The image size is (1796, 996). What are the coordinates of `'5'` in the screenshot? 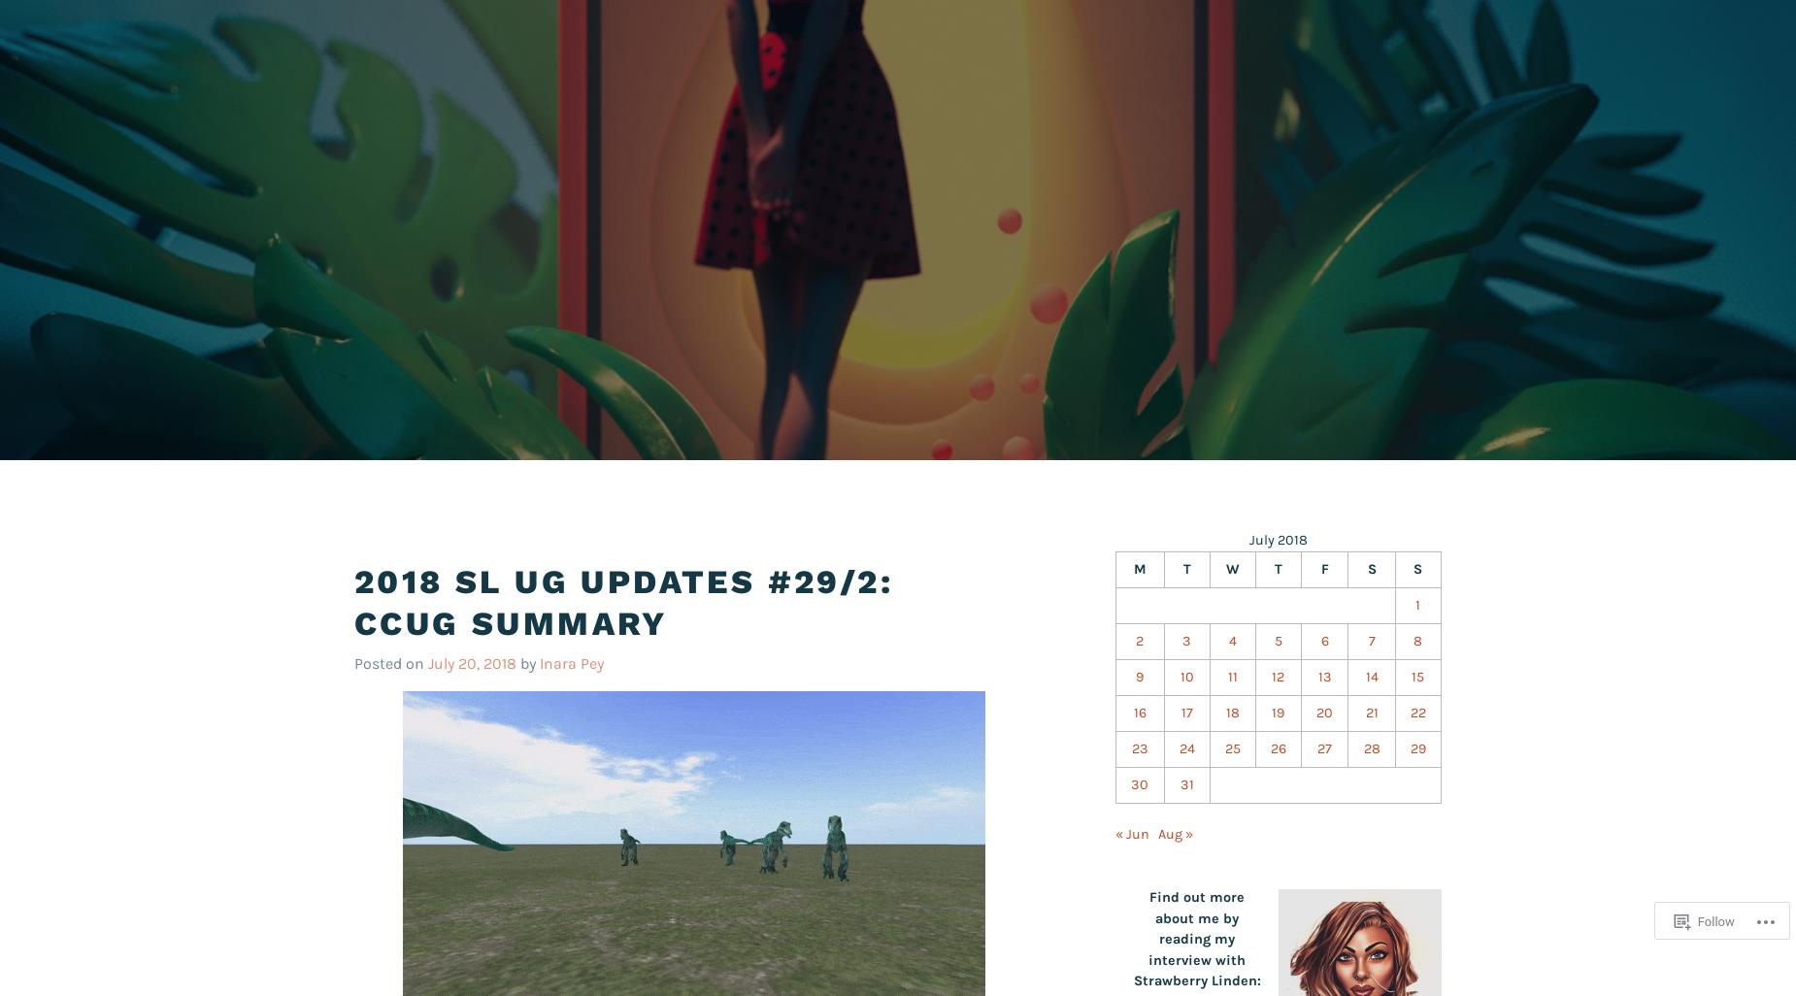 It's located at (1277, 640).